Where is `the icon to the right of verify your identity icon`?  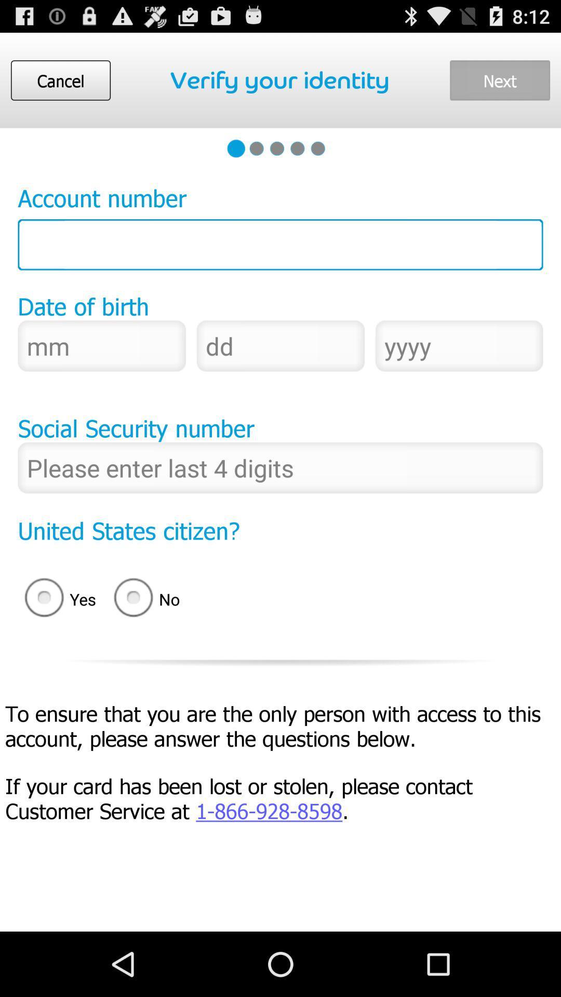 the icon to the right of verify your identity icon is located at coordinates (499, 79).